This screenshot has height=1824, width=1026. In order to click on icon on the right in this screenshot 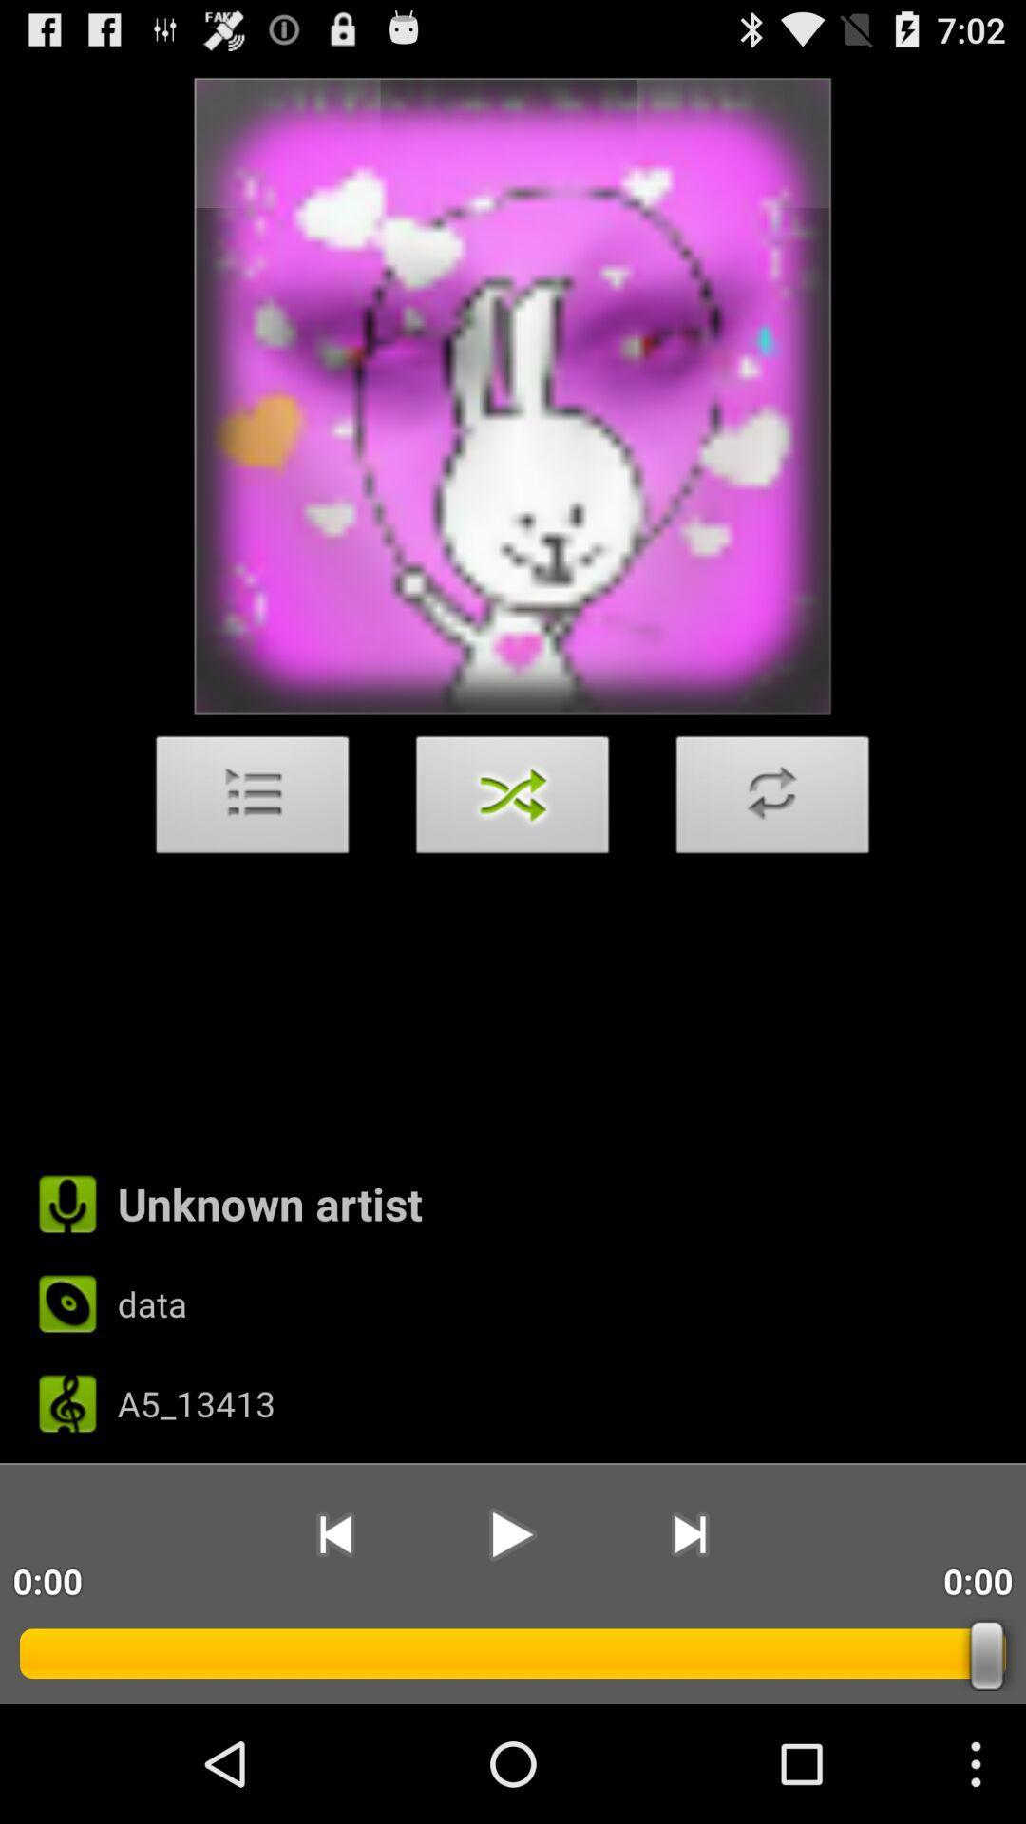, I will do `click(772, 800)`.